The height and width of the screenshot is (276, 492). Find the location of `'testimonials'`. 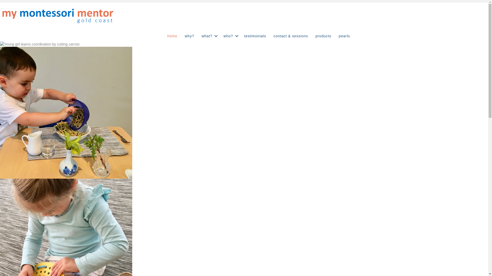

'testimonials' is located at coordinates (240, 36).